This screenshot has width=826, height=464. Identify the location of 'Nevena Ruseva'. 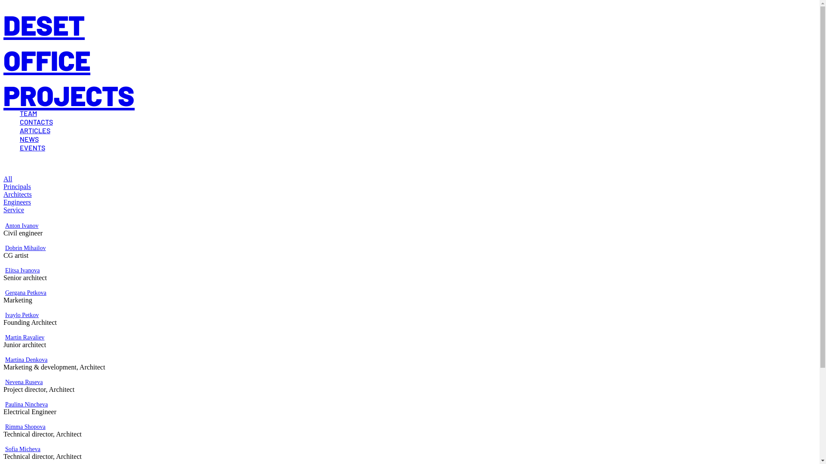
(5, 382).